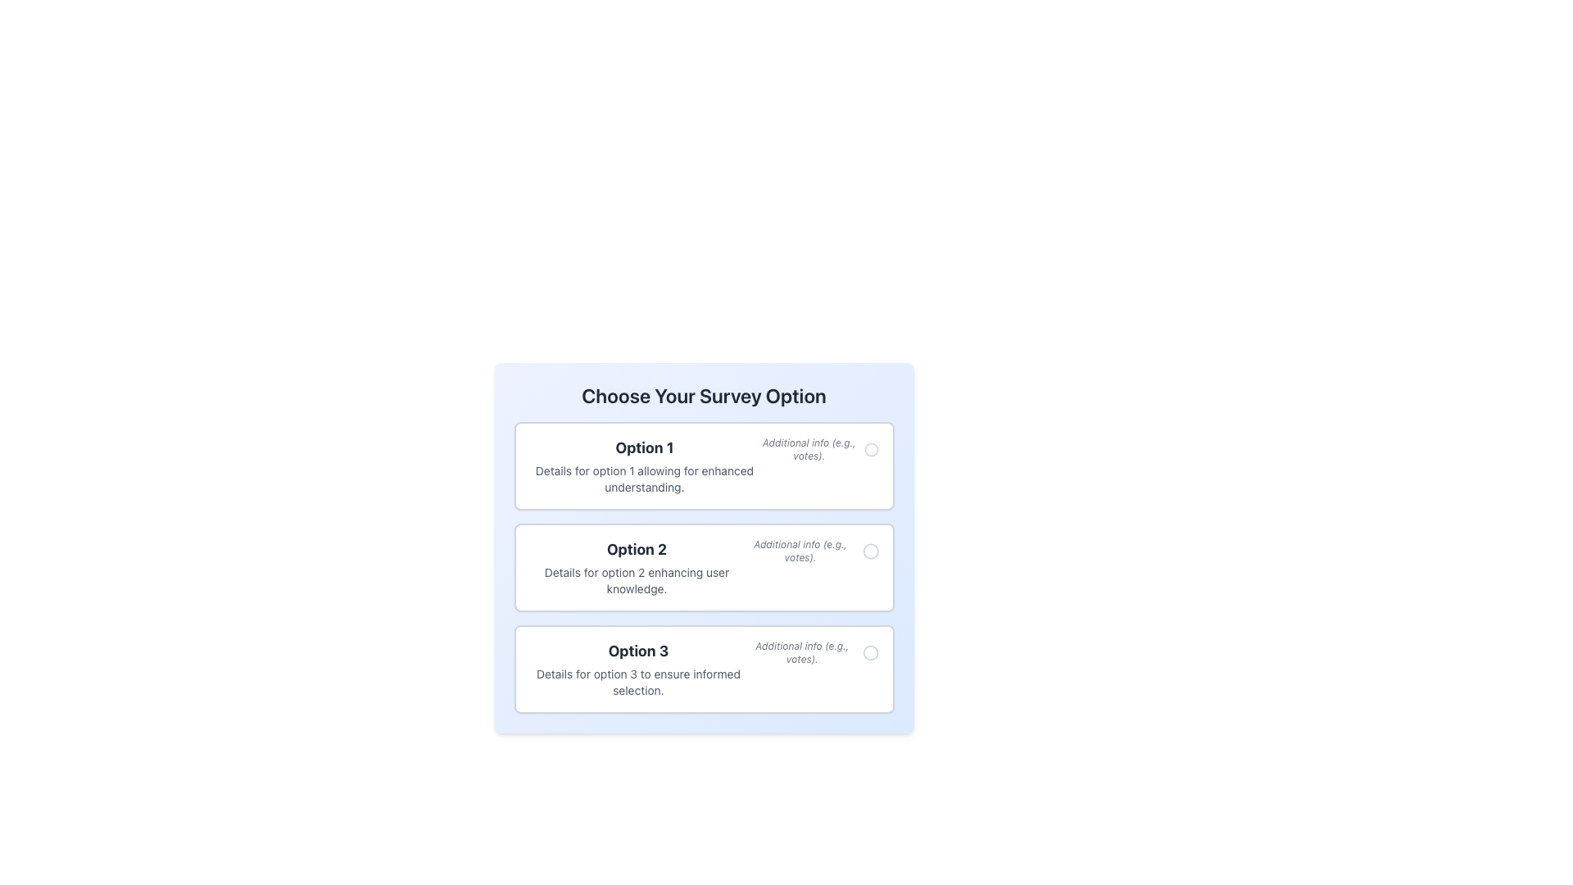 The height and width of the screenshot is (885, 1573). Describe the element at coordinates (704, 547) in the screenshot. I see `the Selectable Option Component titled 'Choose Your Survey Option'` at that location.